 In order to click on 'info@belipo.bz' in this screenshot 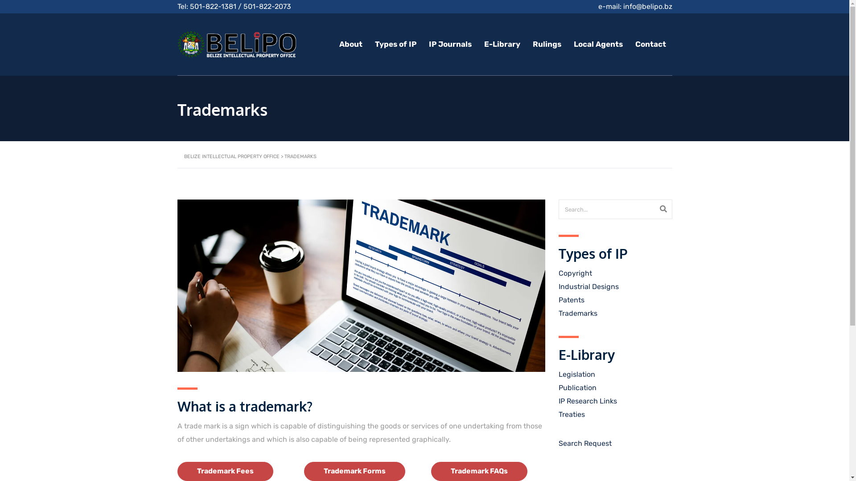, I will do `click(648, 6)`.